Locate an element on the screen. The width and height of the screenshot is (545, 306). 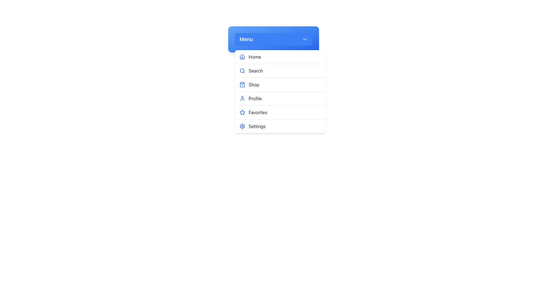
the 'Home' text label in the dropdown menu is located at coordinates (254, 57).